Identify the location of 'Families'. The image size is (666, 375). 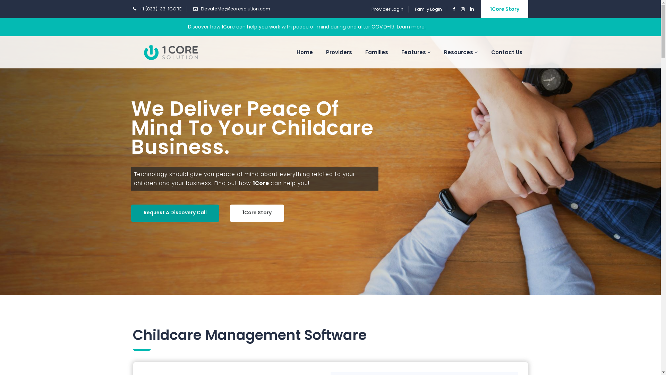
(376, 52).